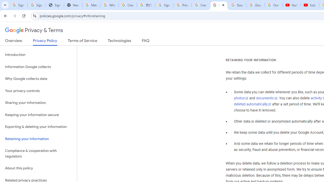 This screenshot has width=324, height=182. Describe the element at coordinates (255, 5) in the screenshot. I see `'Google Account'` at that location.